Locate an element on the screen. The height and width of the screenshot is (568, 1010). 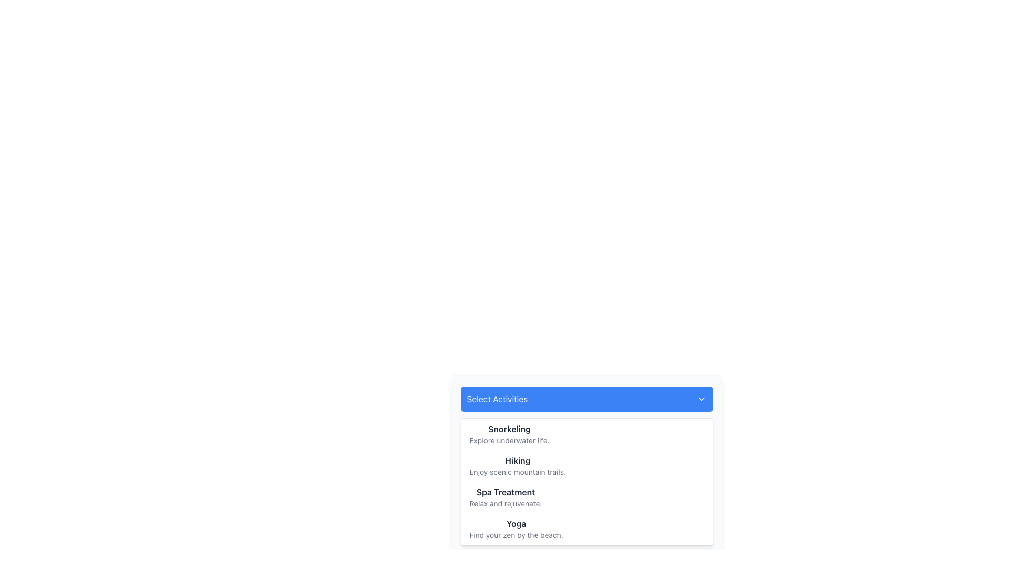
the first textual list item under the 'Select Activities' section is located at coordinates (509, 434).